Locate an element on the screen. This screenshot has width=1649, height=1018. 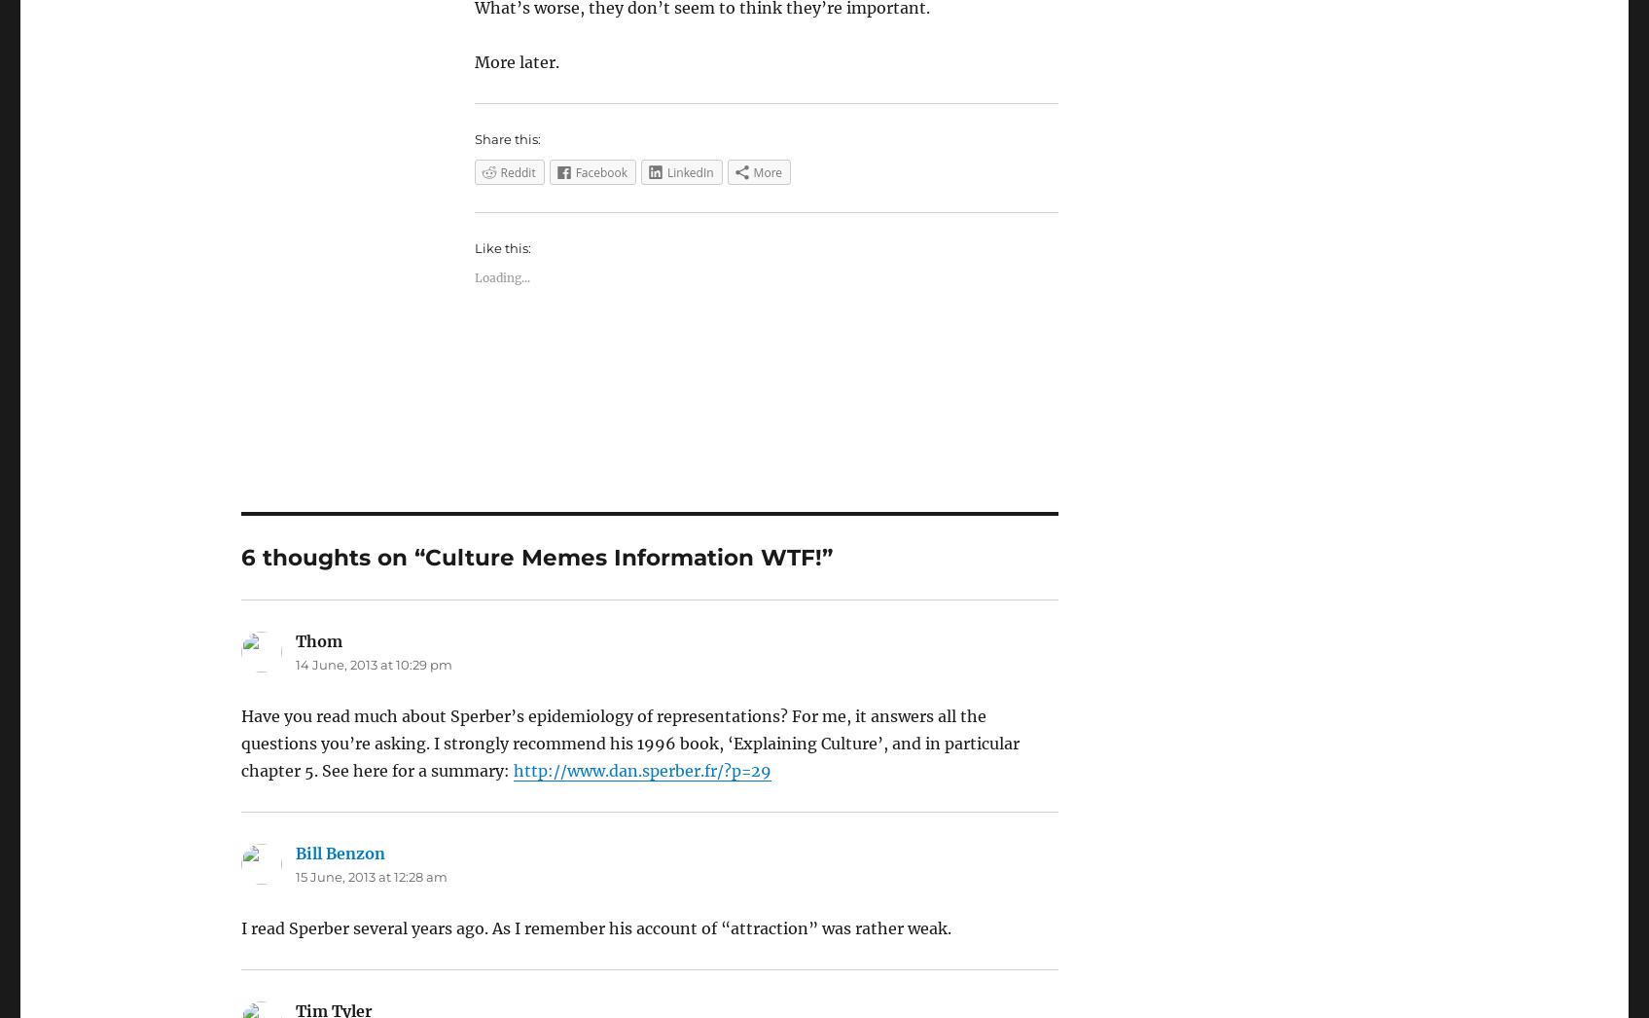
'More' is located at coordinates (768, 172).